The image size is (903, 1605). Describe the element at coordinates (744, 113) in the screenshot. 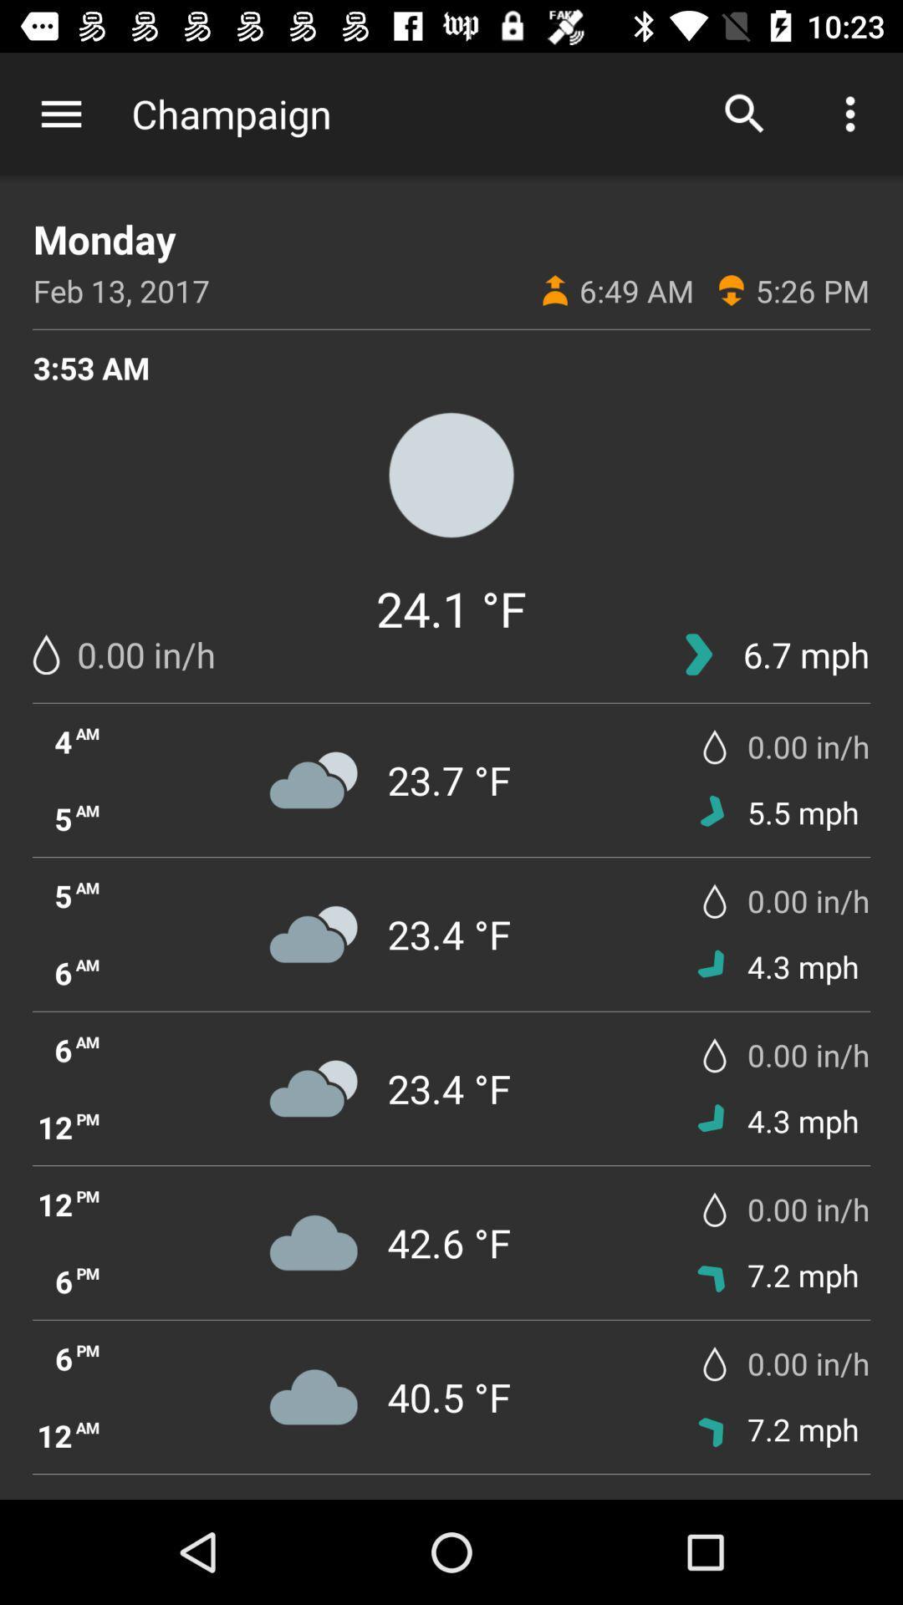

I see `item next to the champaign item` at that location.